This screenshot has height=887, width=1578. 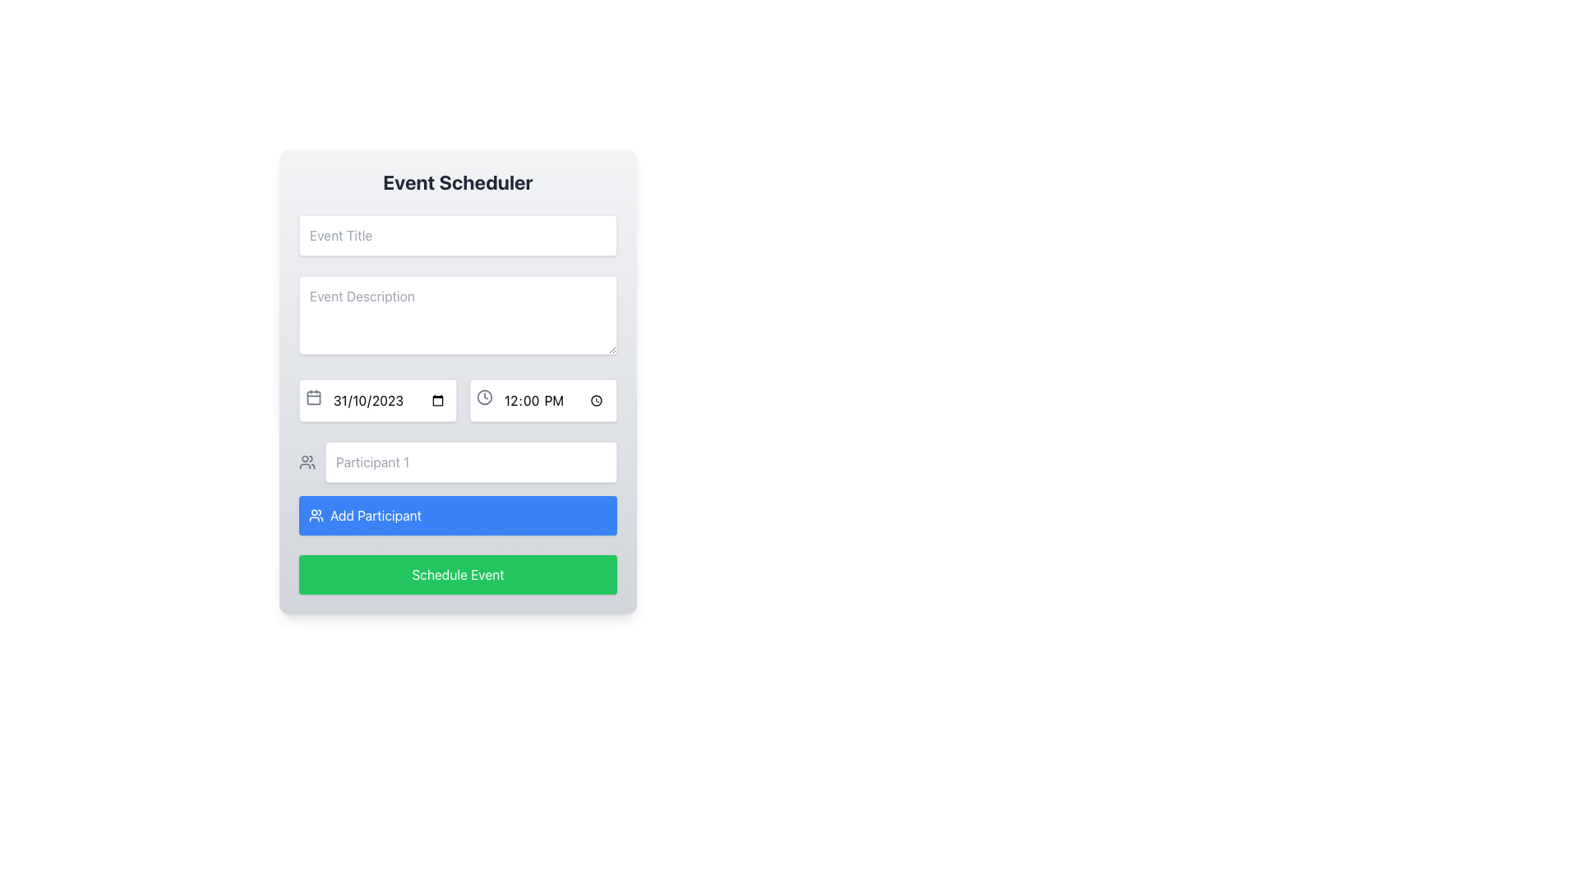 What do you see at coordinates (484, 397) in the screenshot?
I see `the circular clock icon element located on the right side of the time input field` at bounding box center [484, 397].